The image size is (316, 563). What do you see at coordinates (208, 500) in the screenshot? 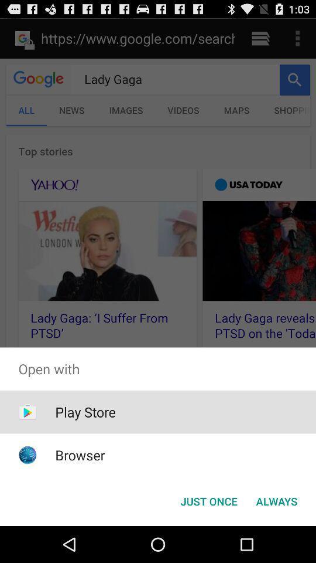
I see `just once button` at bounding box center [208, 500].